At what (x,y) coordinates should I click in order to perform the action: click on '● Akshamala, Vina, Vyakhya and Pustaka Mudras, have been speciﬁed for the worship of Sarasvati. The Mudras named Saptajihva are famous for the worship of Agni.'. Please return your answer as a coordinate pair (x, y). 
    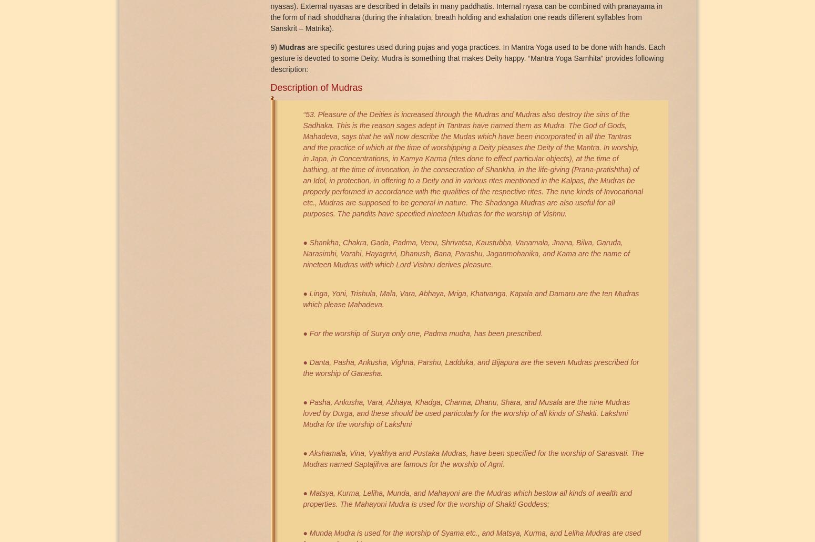
    Looking at the image, I should click on (302, 458).